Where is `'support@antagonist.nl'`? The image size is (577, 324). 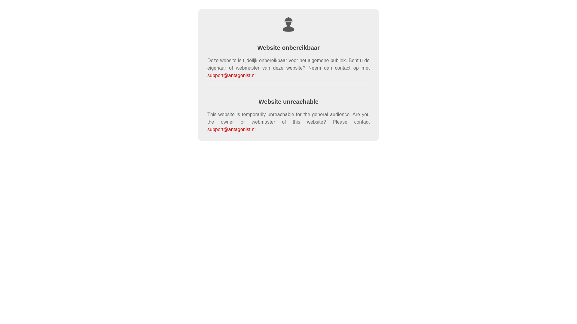
'support@antagonist.nl' is located at coordinates (231, 129).